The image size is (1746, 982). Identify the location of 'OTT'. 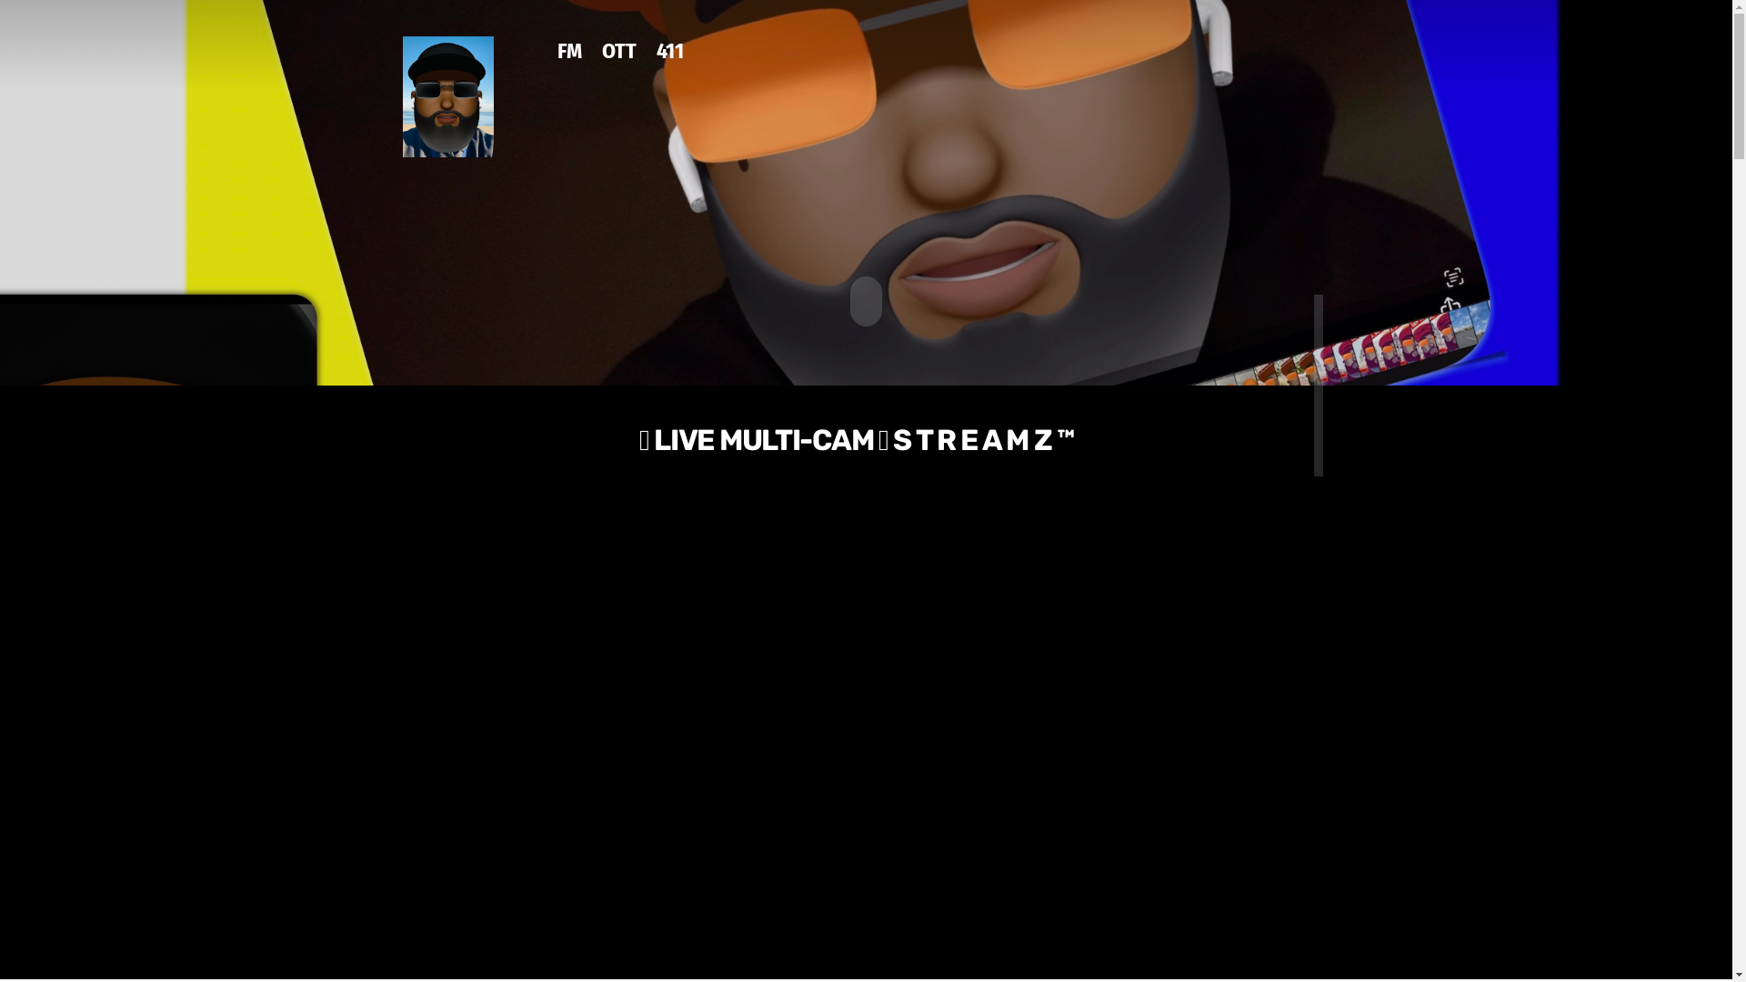
(619, 63).